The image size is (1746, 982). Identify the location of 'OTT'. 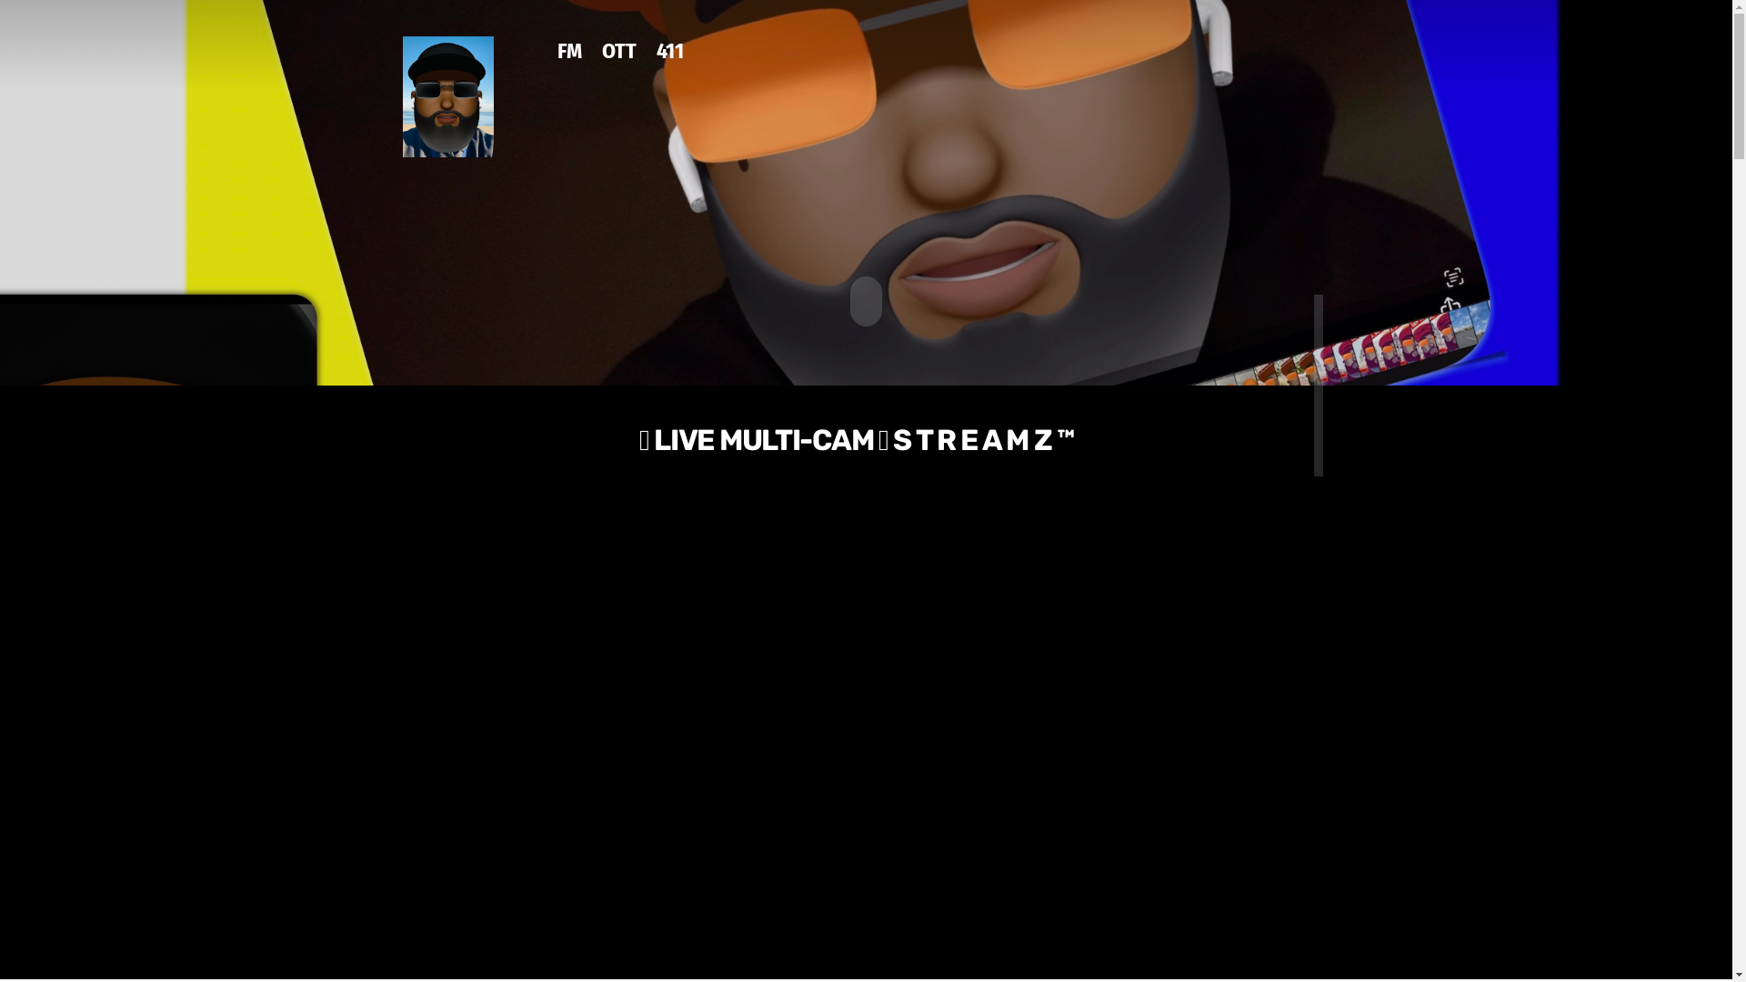
(619, 63).